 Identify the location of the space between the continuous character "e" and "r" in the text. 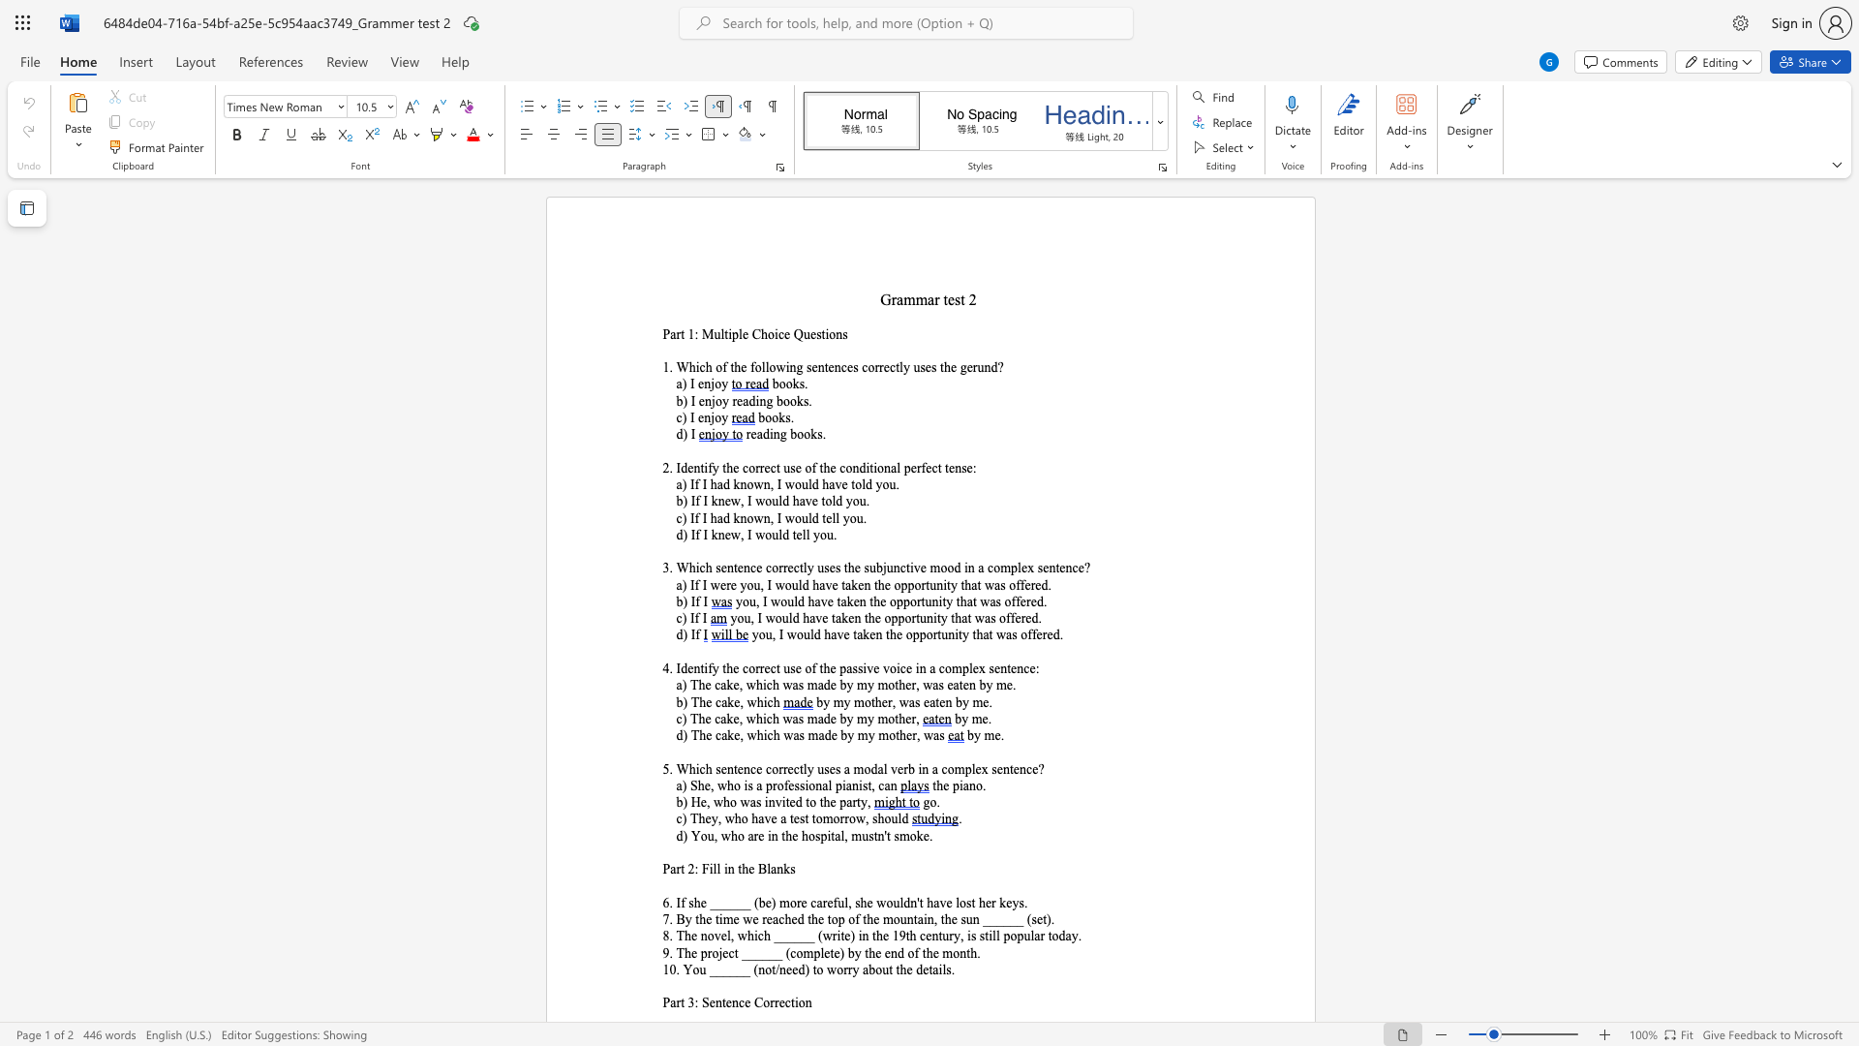
(886, 702).